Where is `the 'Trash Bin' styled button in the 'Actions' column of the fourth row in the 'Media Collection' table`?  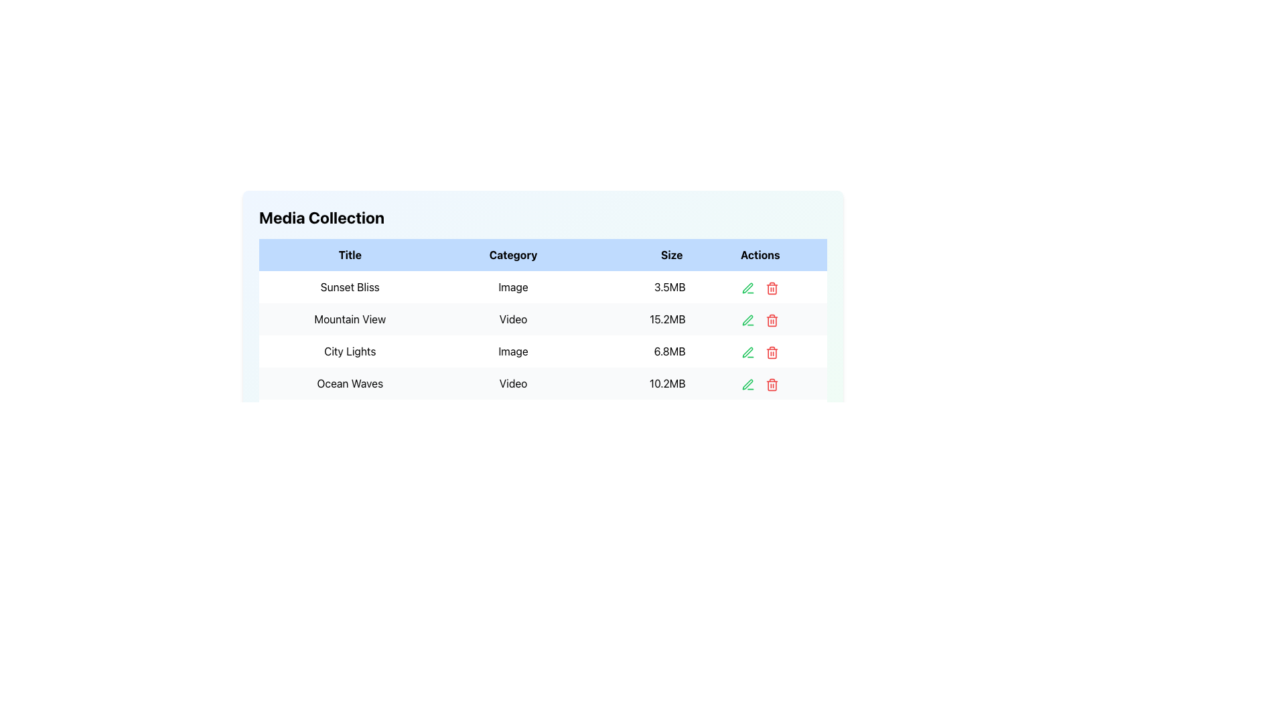 the 'Trash Bin' styled button in the 'Actions' column of the fourth row in the 'Media Collection' table is located at coordinates (772, 384).